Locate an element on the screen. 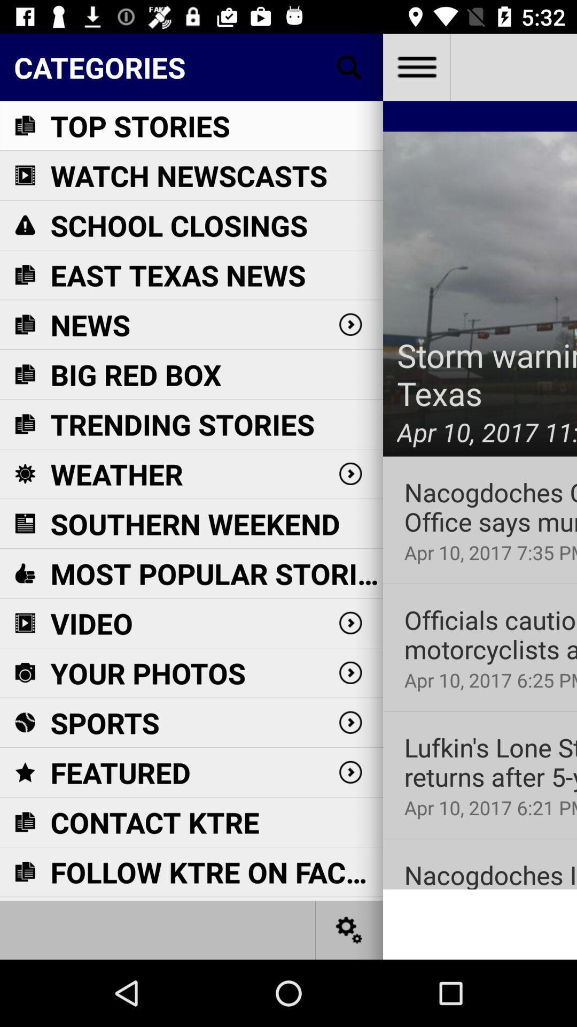  the settings icon is located at coordinates (349, 929).